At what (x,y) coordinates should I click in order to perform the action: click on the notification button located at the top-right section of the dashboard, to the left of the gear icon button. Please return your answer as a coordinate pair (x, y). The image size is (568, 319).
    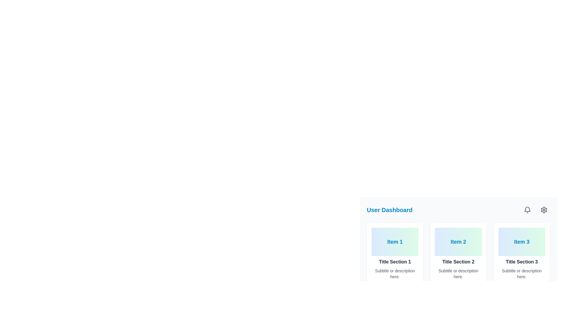
    Looking at the image, I should click on (527, 209).